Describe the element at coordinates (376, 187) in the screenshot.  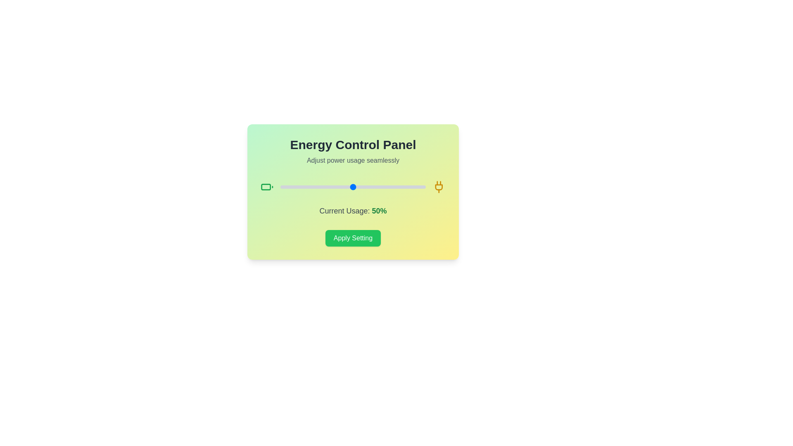
I see `the slider` at that location.